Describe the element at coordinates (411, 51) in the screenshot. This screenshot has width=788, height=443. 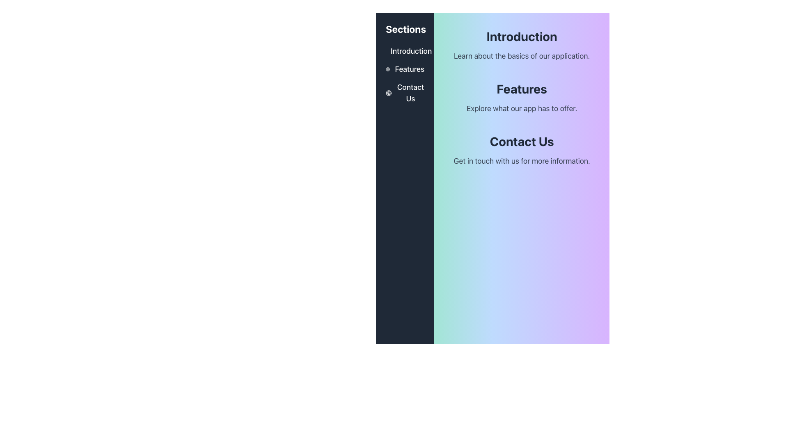
I see `the 'Introduction' hyperlink text in the left navigation bar` at that location.